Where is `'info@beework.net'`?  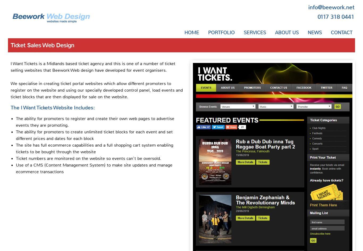 'info@beework.net' is located at coordinates (331, 7).